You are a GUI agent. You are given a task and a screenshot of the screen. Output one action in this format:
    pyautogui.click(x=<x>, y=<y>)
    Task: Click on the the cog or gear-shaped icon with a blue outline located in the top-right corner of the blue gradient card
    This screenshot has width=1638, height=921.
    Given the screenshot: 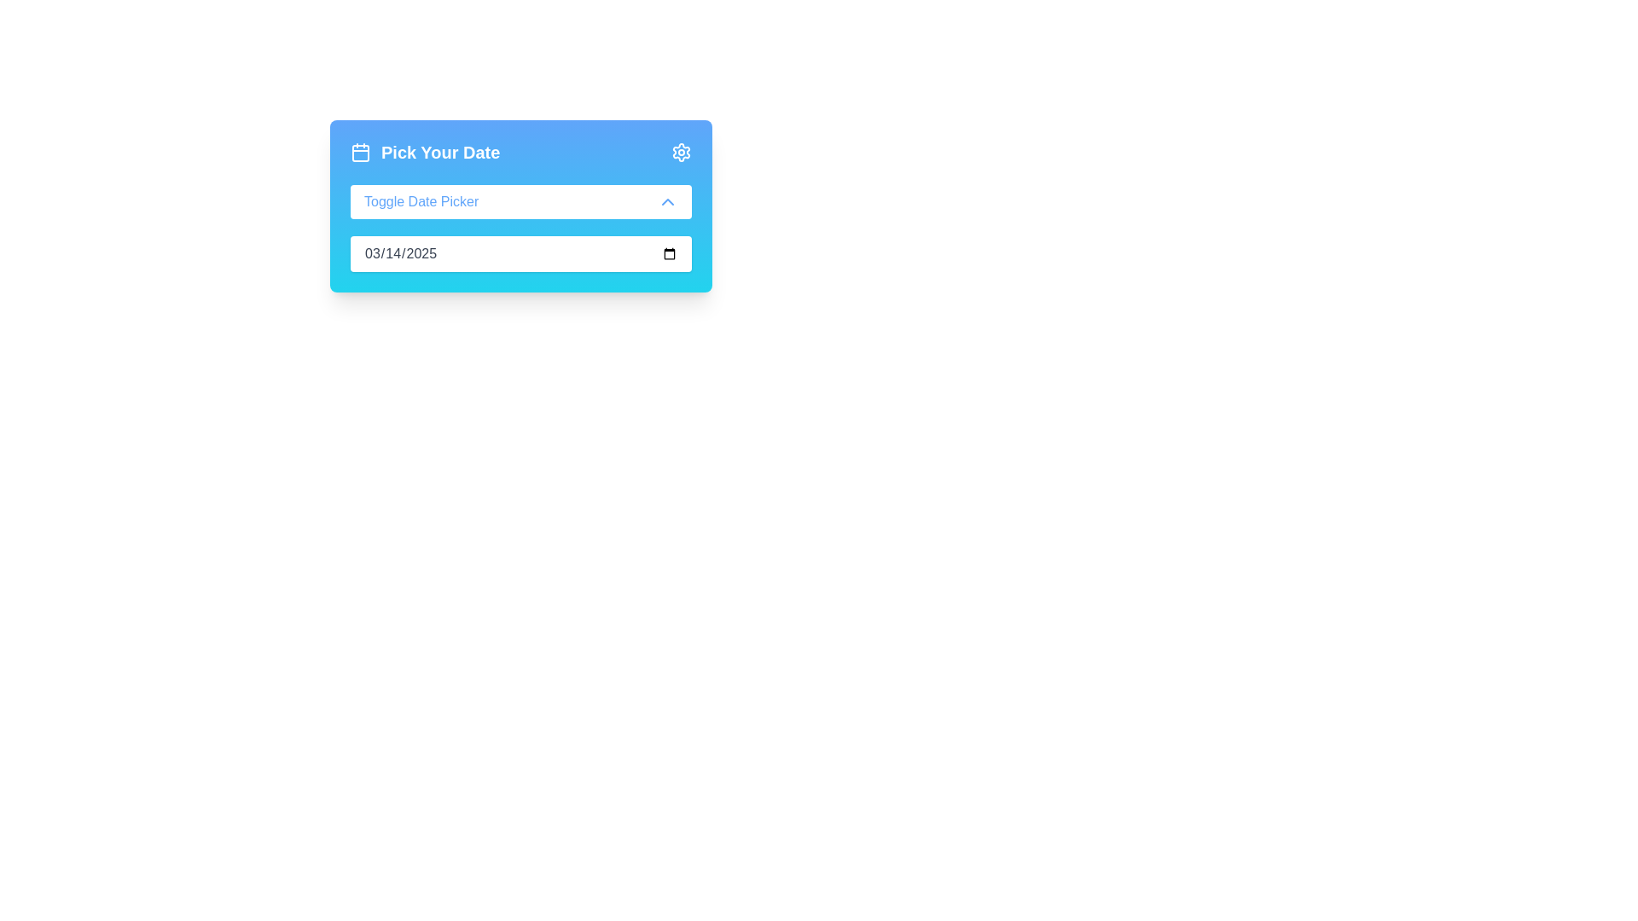 What is the action you would take?
    pyautogui.click(x=680, y=151)
    